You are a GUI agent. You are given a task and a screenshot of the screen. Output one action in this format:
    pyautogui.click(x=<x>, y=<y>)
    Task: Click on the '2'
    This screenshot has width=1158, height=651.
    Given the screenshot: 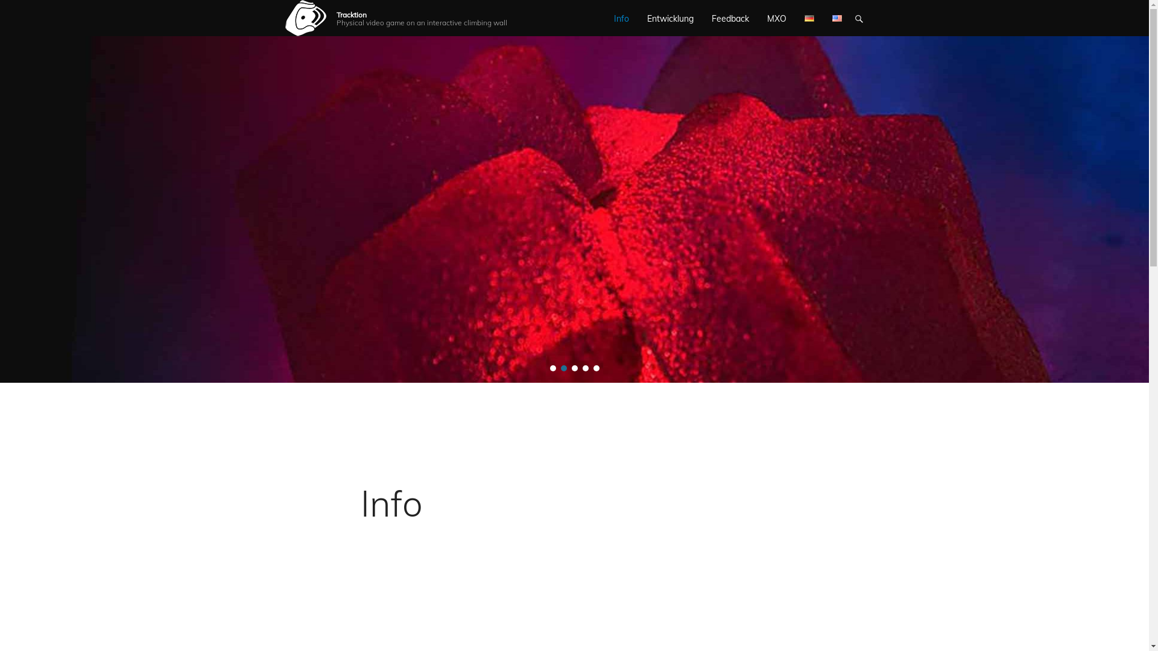 What is the action you would take?
    pyautogui.click(x=563, y=367)
    